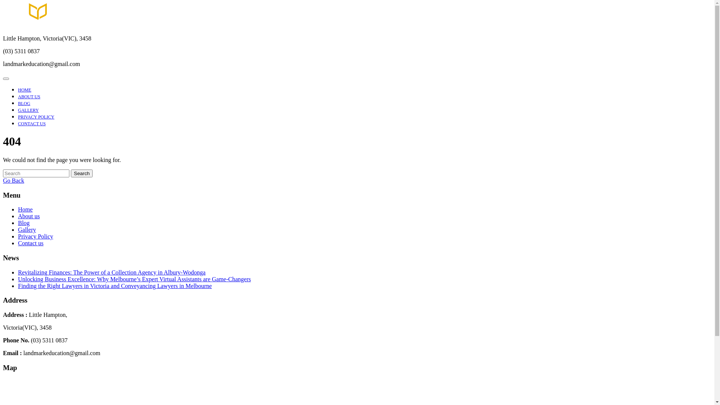 The width and height of the screenshot is (720, 405). What do you see at coordinates (18, 123) in the screenshot?
I see `'CONTACT US'` at bounding box center [18, 123].